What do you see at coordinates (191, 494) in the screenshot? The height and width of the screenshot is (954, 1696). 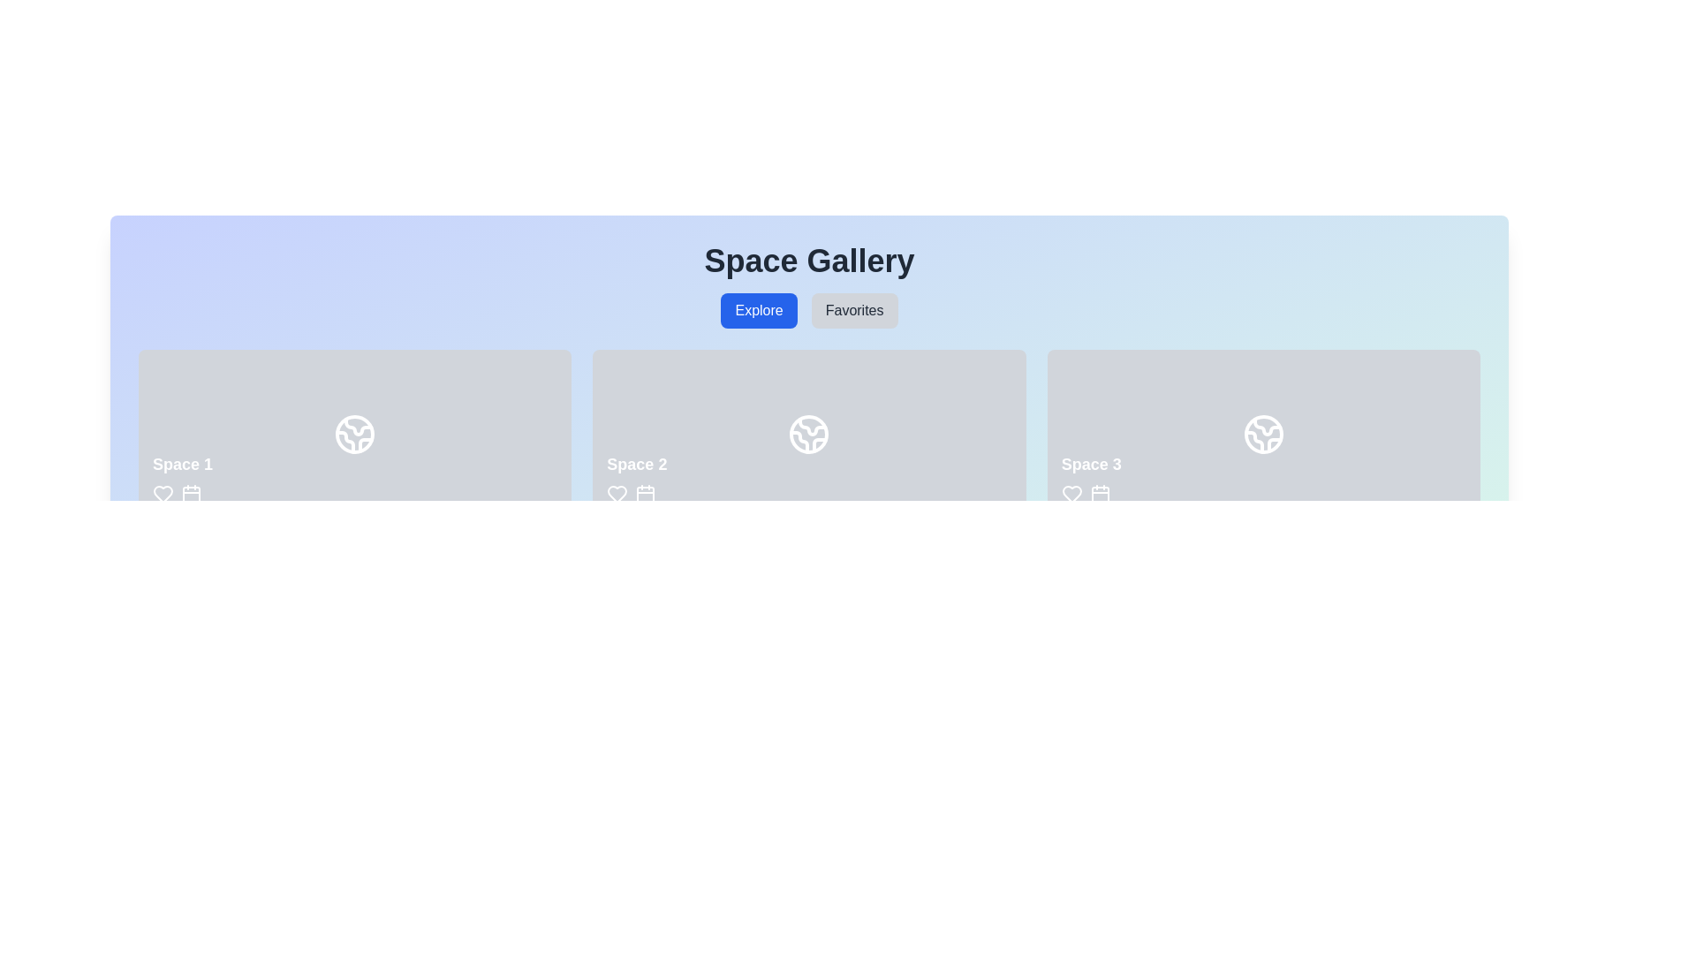 I see `the calendar icon located to the right of the heart-shaped icon in the bottom left corner of the 'Space 1' card to change its color` at bounding box center [191, 494].